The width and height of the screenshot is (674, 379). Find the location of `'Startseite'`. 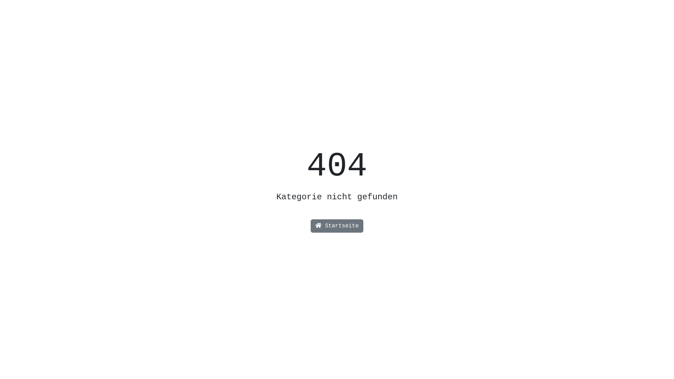

'Startseite' is located at coordinates (337, 226).